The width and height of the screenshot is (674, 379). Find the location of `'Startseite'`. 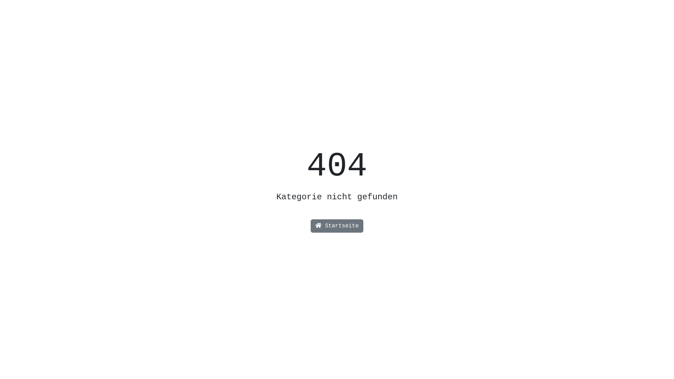

'Startseite' is located at coordinates (337, 226).